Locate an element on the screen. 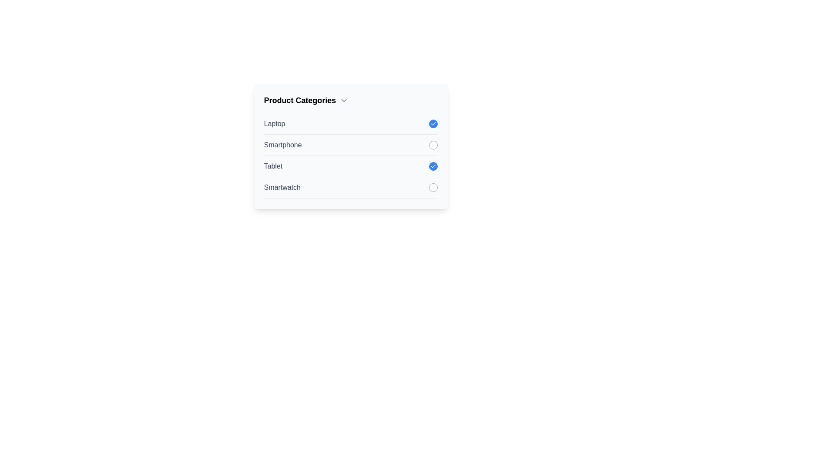  the item Laptop is located at coordinates (433, 123).